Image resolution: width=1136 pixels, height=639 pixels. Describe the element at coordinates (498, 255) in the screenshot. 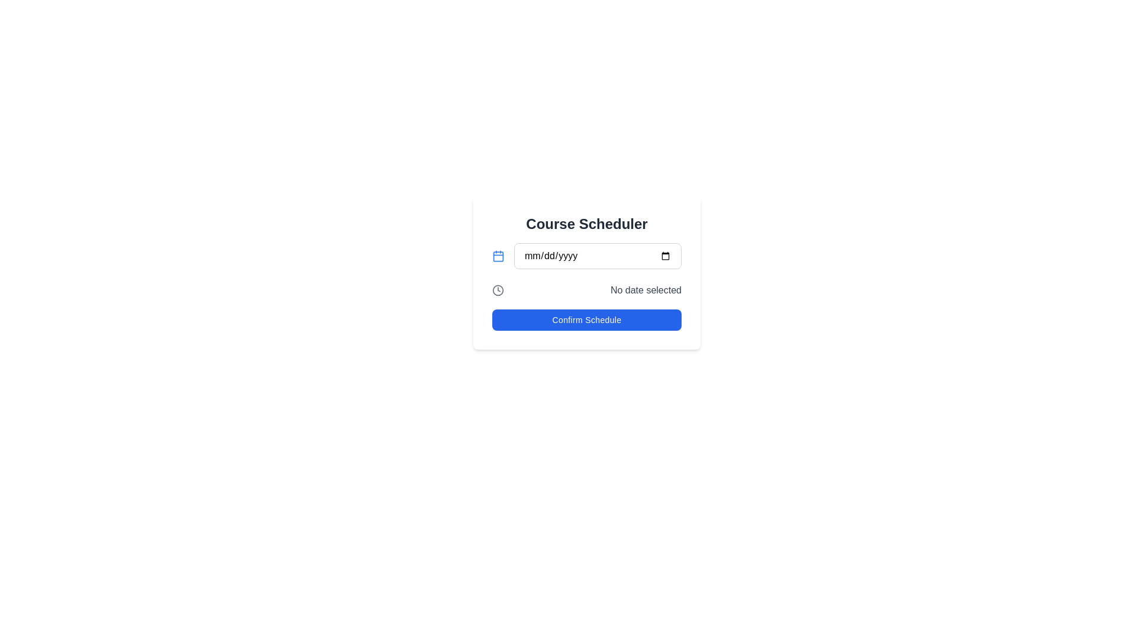

I see `the leftmost calendar icon` at that location.